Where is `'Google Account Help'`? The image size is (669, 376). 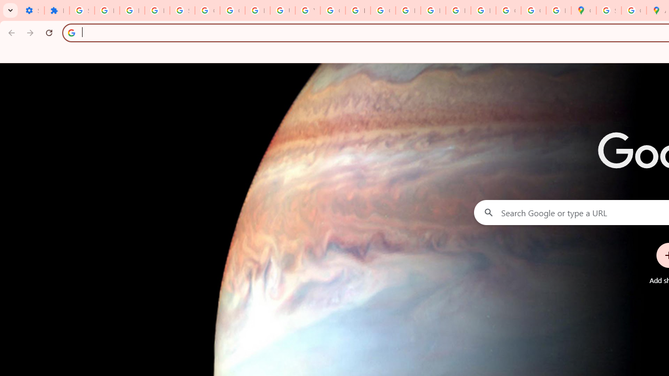 'Google Account Help' is located at coordinates (232, 10).